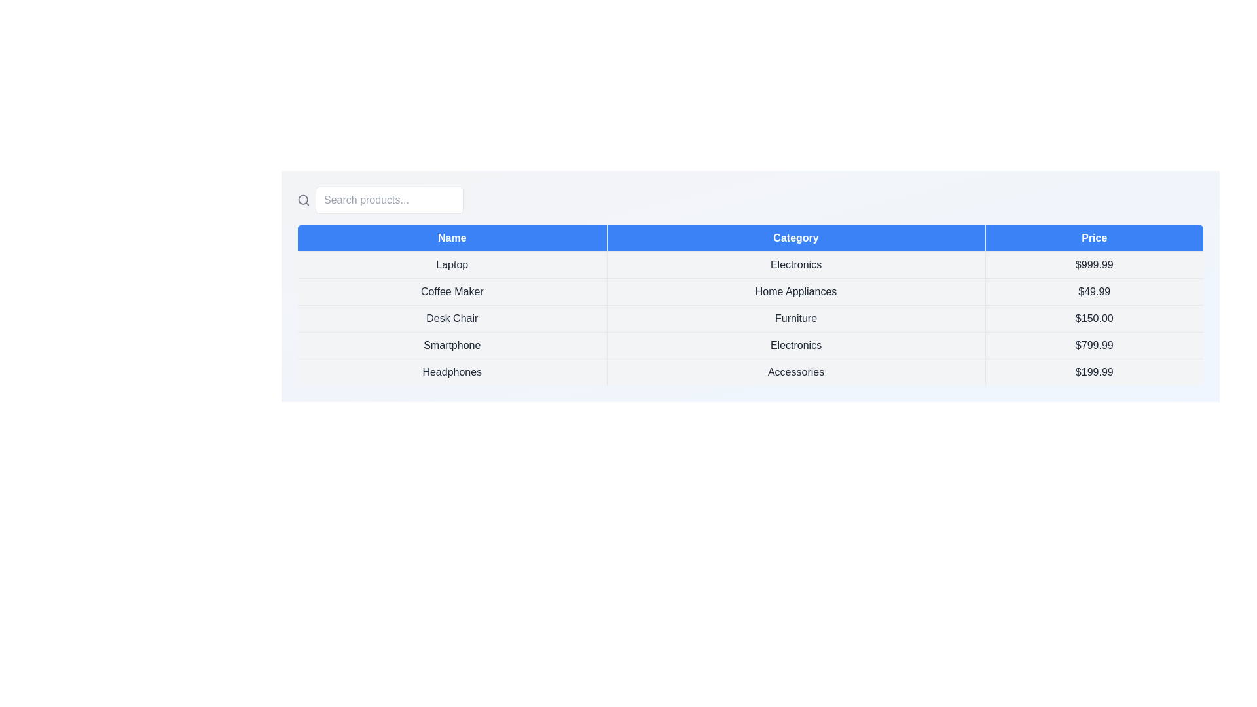  Describe the element at coordinates (452, 345) in the screenshot. I see `the textual label displaying 'Smartphone' in the 'Name' column of the table, located in the third row, corresponding to 'Electronics' in the 'Category' column and '$799.99' in the 'Price' column` at that location.